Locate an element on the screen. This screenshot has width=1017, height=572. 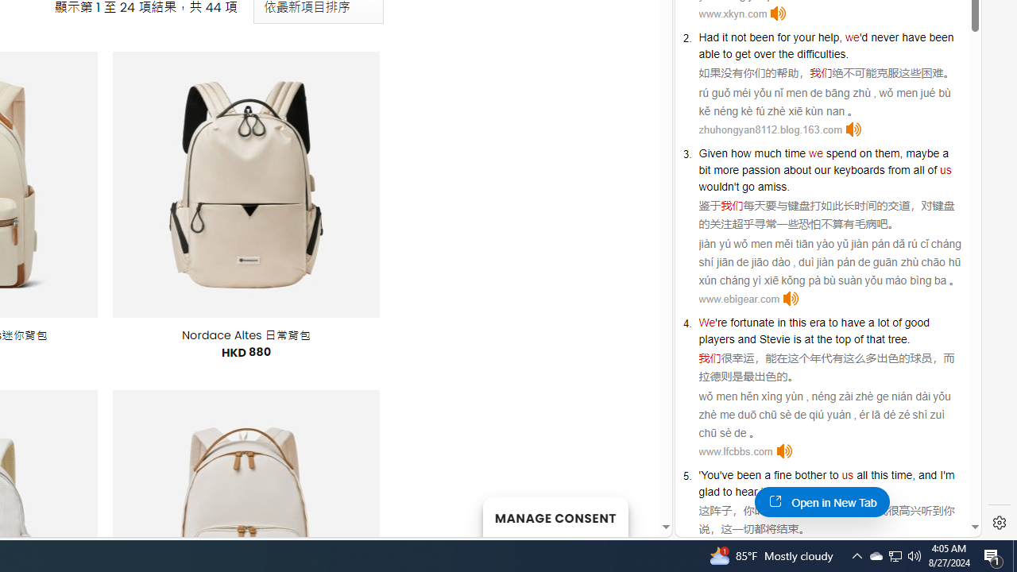
'this' is located at coordinates (878, 473).